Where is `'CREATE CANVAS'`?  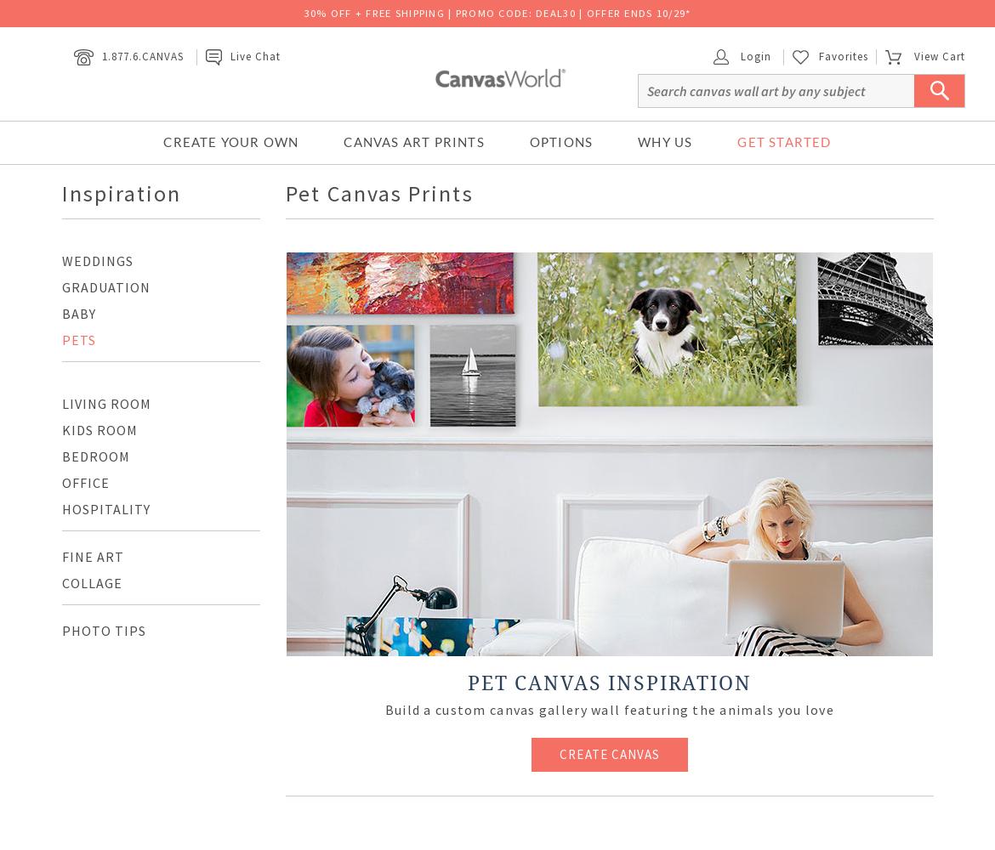
'CREATE CANVAS' is located at coordinates (608, 754).